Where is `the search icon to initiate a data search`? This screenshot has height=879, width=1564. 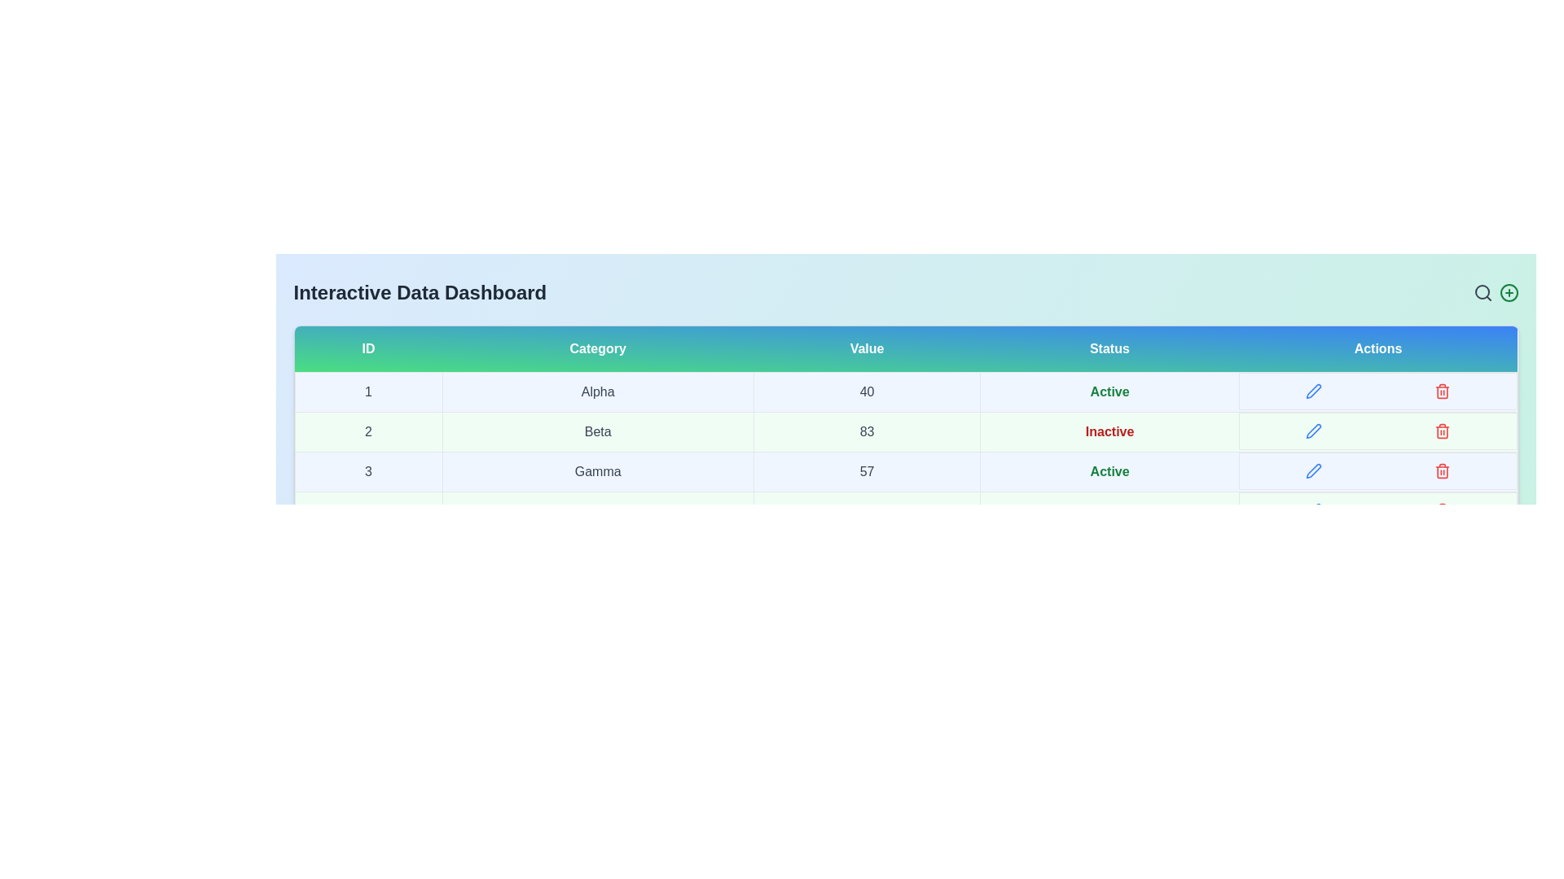 the search icon to initiate a data search is located at coordinates (1483, 291).